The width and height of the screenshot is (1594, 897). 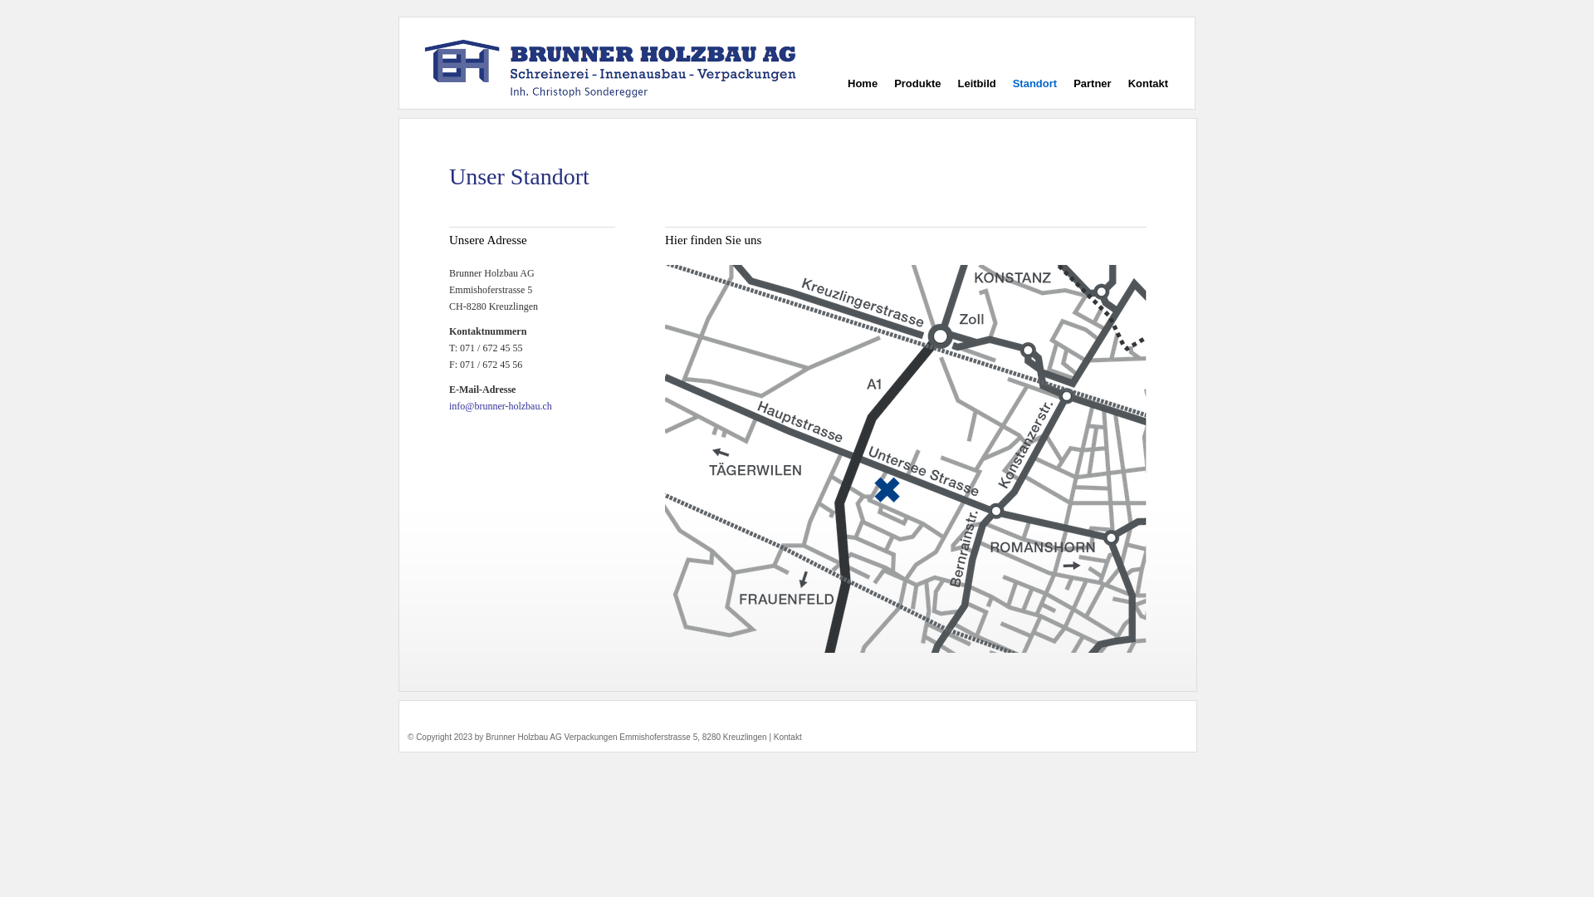 What do you see at coordinates (1147, 83) in the screenshot?
I see `'Kontakt'` at bounding box center [1147, 83].